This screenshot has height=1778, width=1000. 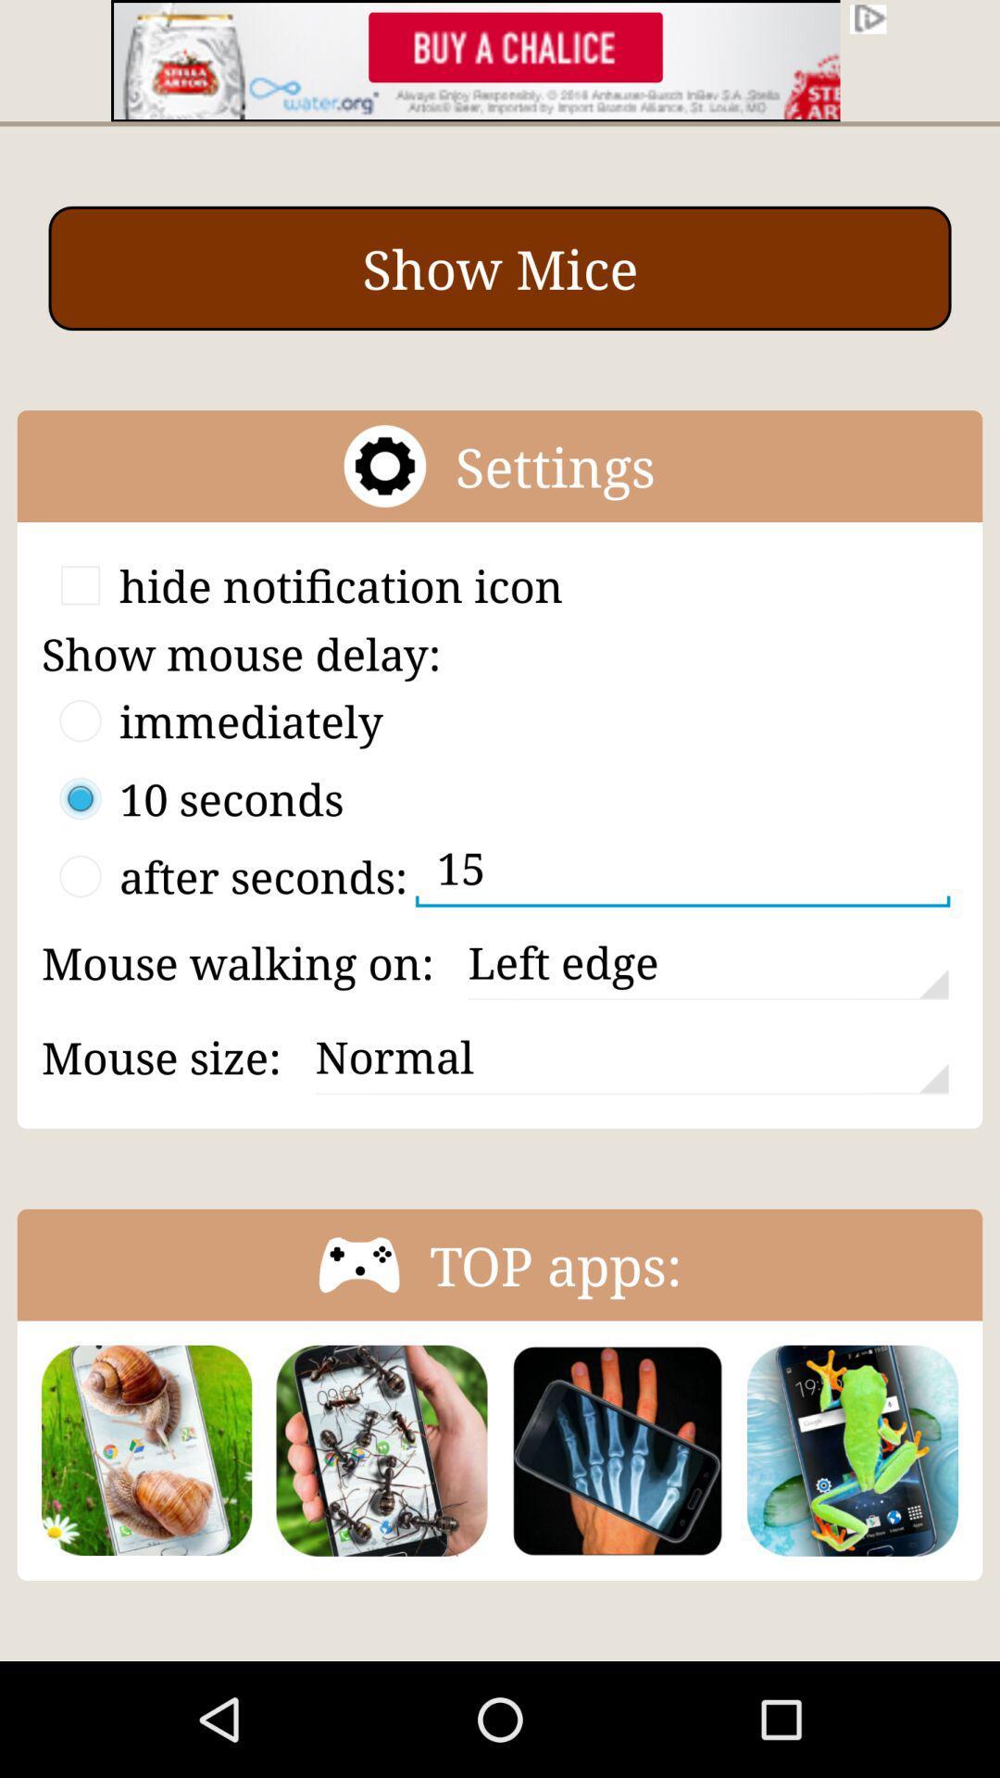 What do you see at coordinates (381, 1449) in the screenshot?
I see `the second image from left` at bounding box center [381, 1449].